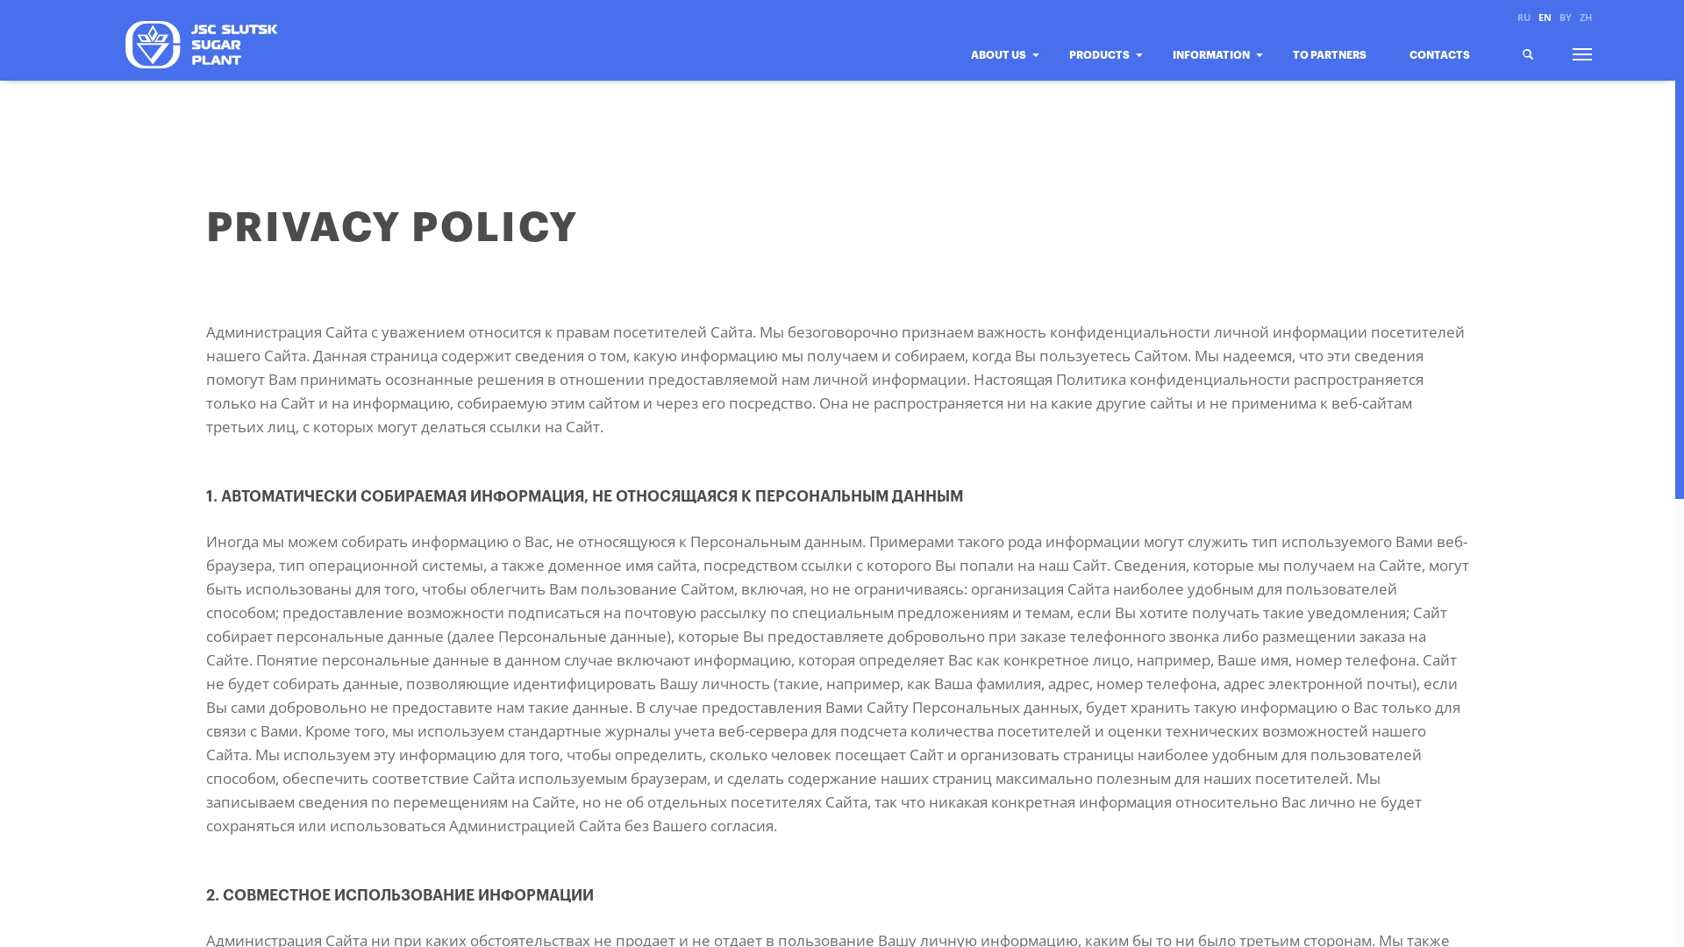 Image resolution: width=1684 pixels, height=947 pixels. What do you see at coordinates (1335, 69) in the screenshot?
I see `'TO PARTNERS'` at bounding box center [1335, 69].